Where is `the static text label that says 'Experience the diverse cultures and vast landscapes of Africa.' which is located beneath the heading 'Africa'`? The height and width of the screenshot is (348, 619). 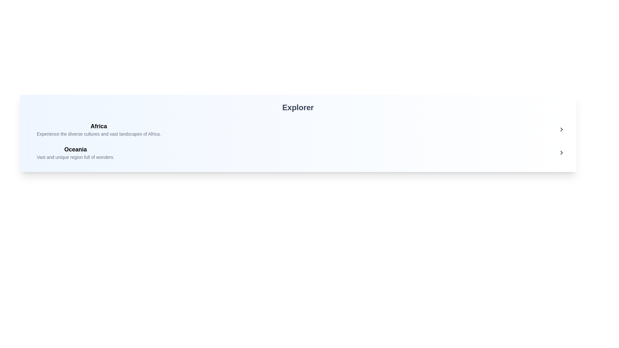 the static text label that says 'Experience the diverse cultures and vast landscapes of Africa.' which is located beneath the heading 'Africa' is located at coordinates (98, 134).